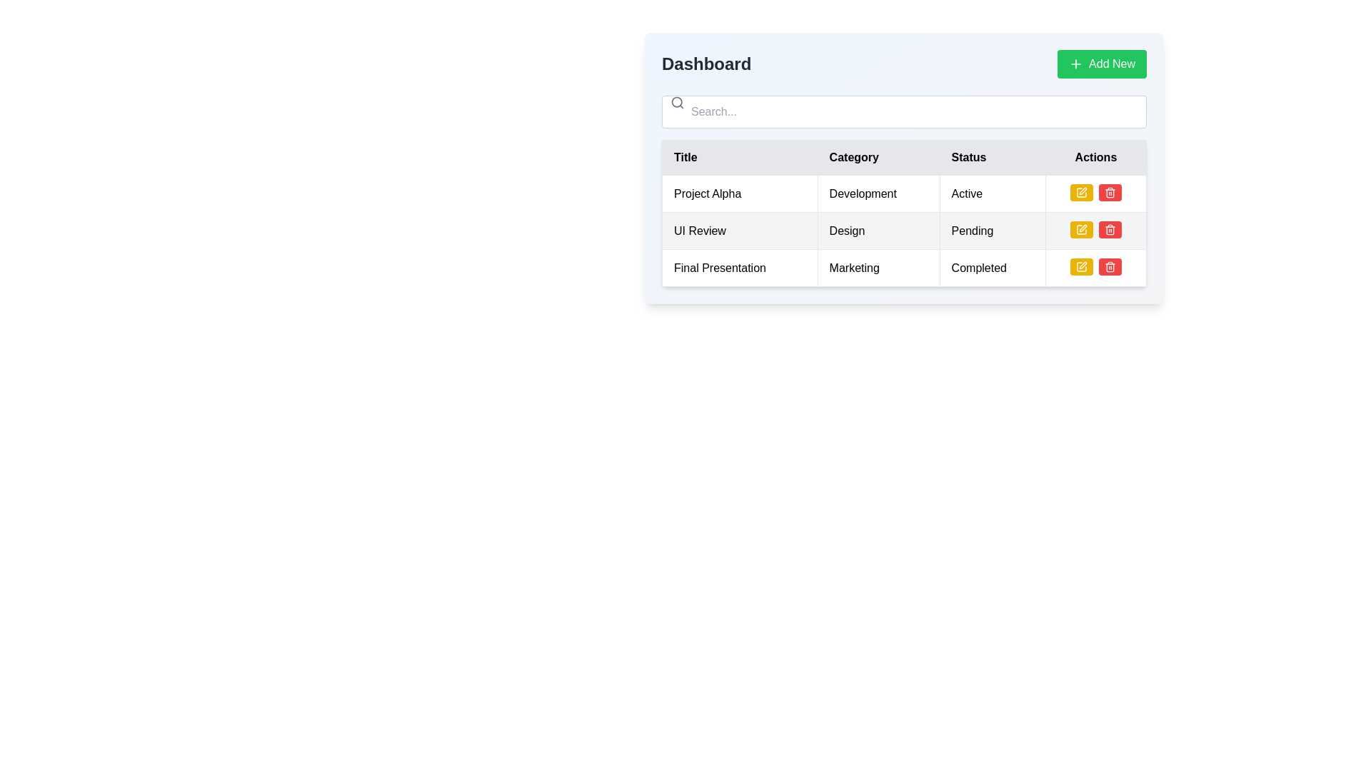 This screenshot has height=771, width=1371. Describe the element at coordinates (1081, 228) in the screenshot. I see `the outlined box icon of the action button with a yellow background located in the 'Actions' column of the third row` at that location.